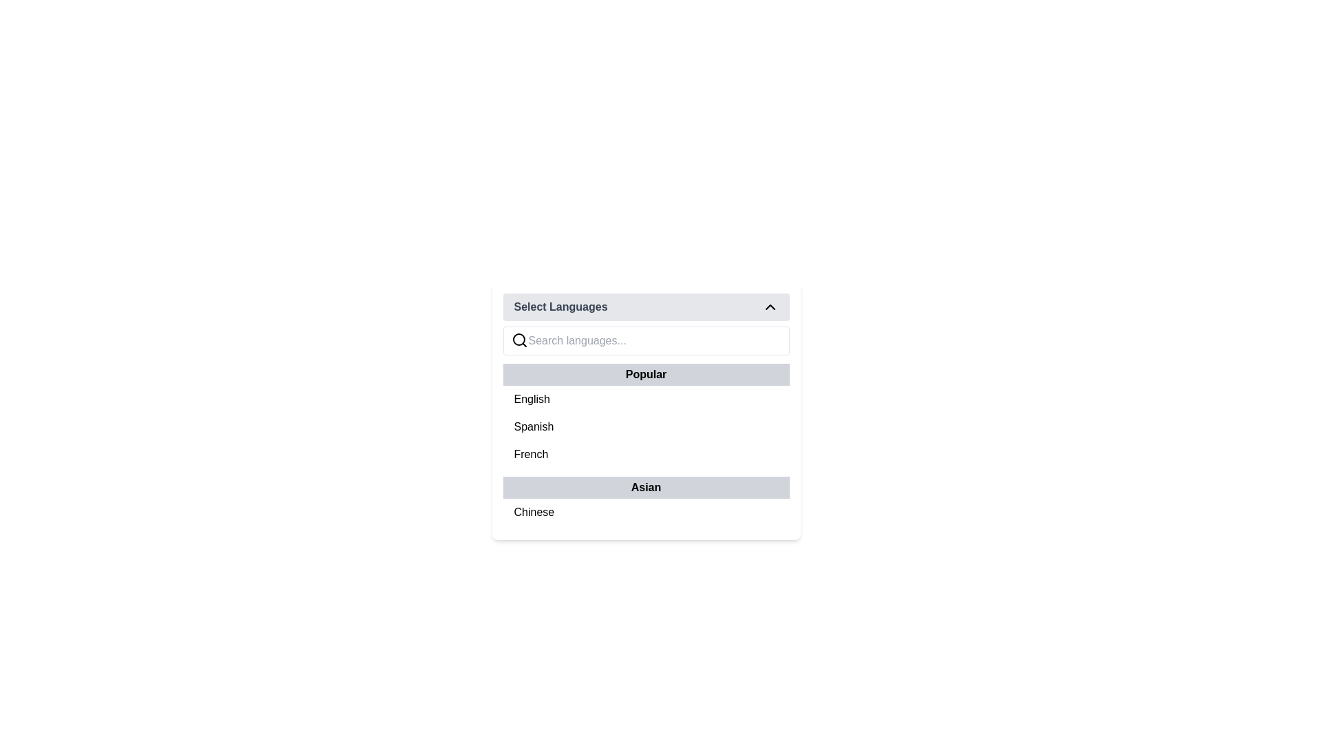 This screenshot has width=1322, height=744. What do you see at coordinates (645, 426) in the screenshot?
I see `the list item labeled 'Spanish' in the 'Popular' section of the dropdown menu to navigate through keyboard inputs` at bounding box center [645, 426].